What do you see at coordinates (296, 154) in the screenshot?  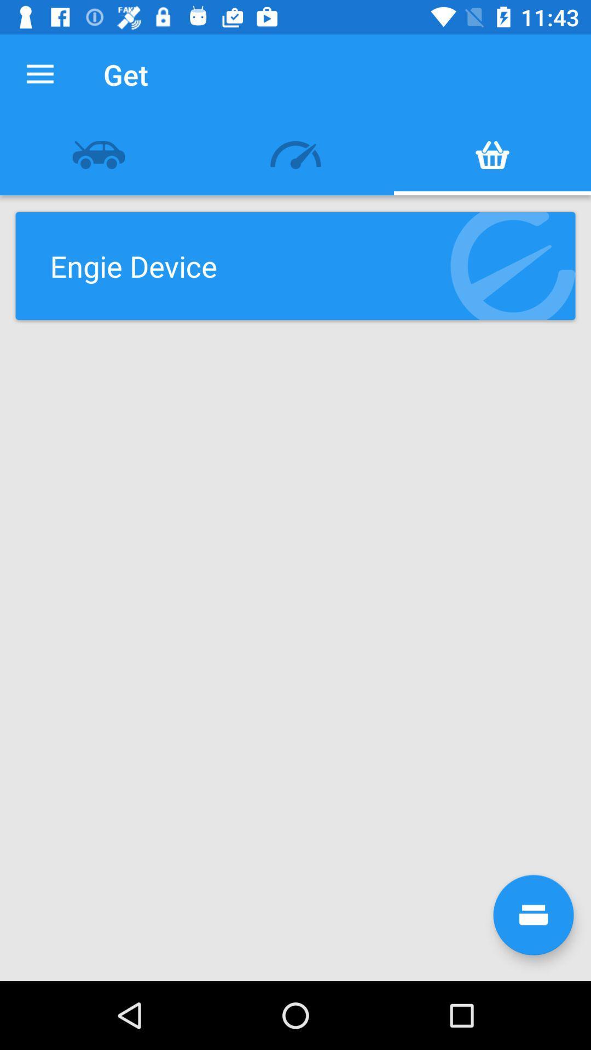 I see `icon above engie device item` at bounding box center [296, 154].